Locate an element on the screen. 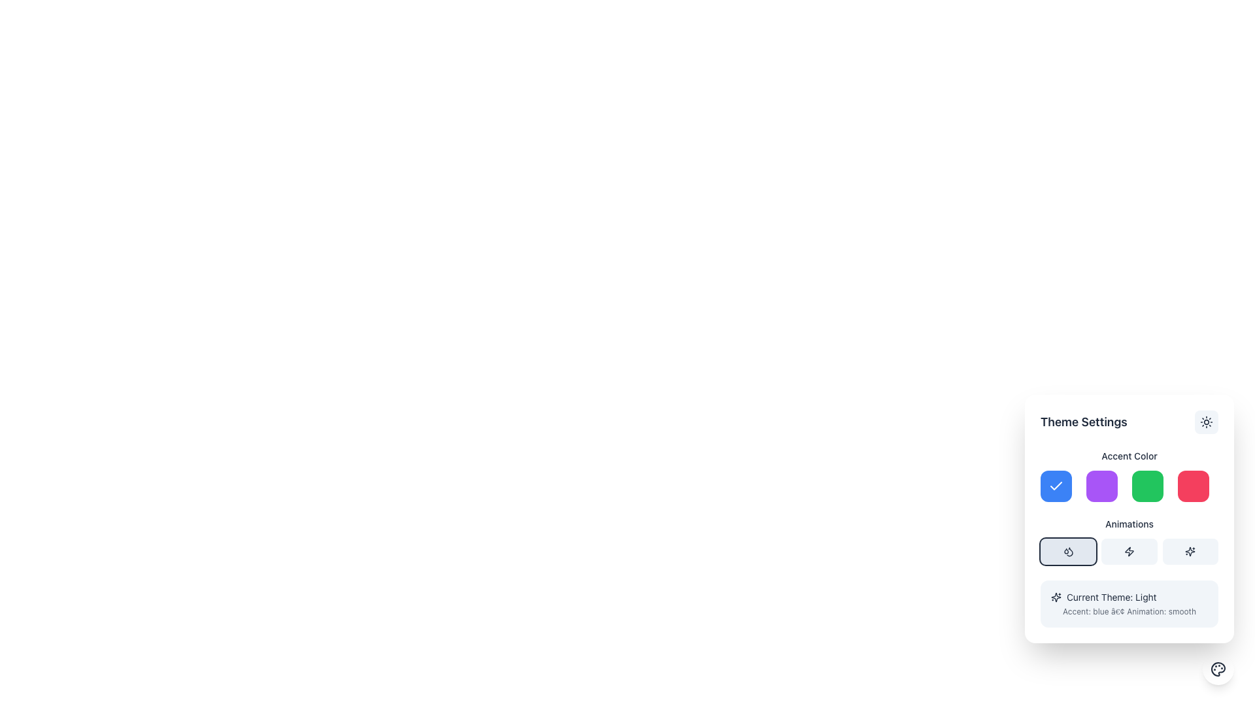 Image resolution: width=1255 pixels, height=706 pixels. the sparkles effect icon located within the 'Animations' section of the 'Theme Settings' panel, positioned as the third button in a horizontal row is located at coordinates (1190, 552).